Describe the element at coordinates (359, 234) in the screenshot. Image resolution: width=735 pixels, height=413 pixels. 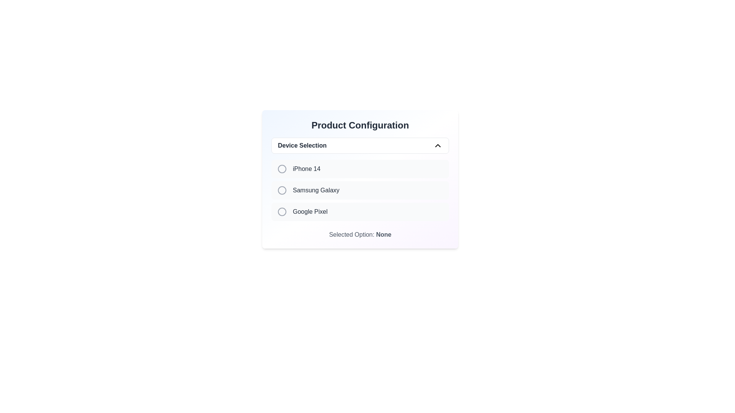
I see `the text element displaying 'Selected Option: None', which is styled in medium gray with centered alignment and bold emphasis on 'None'` at that location.